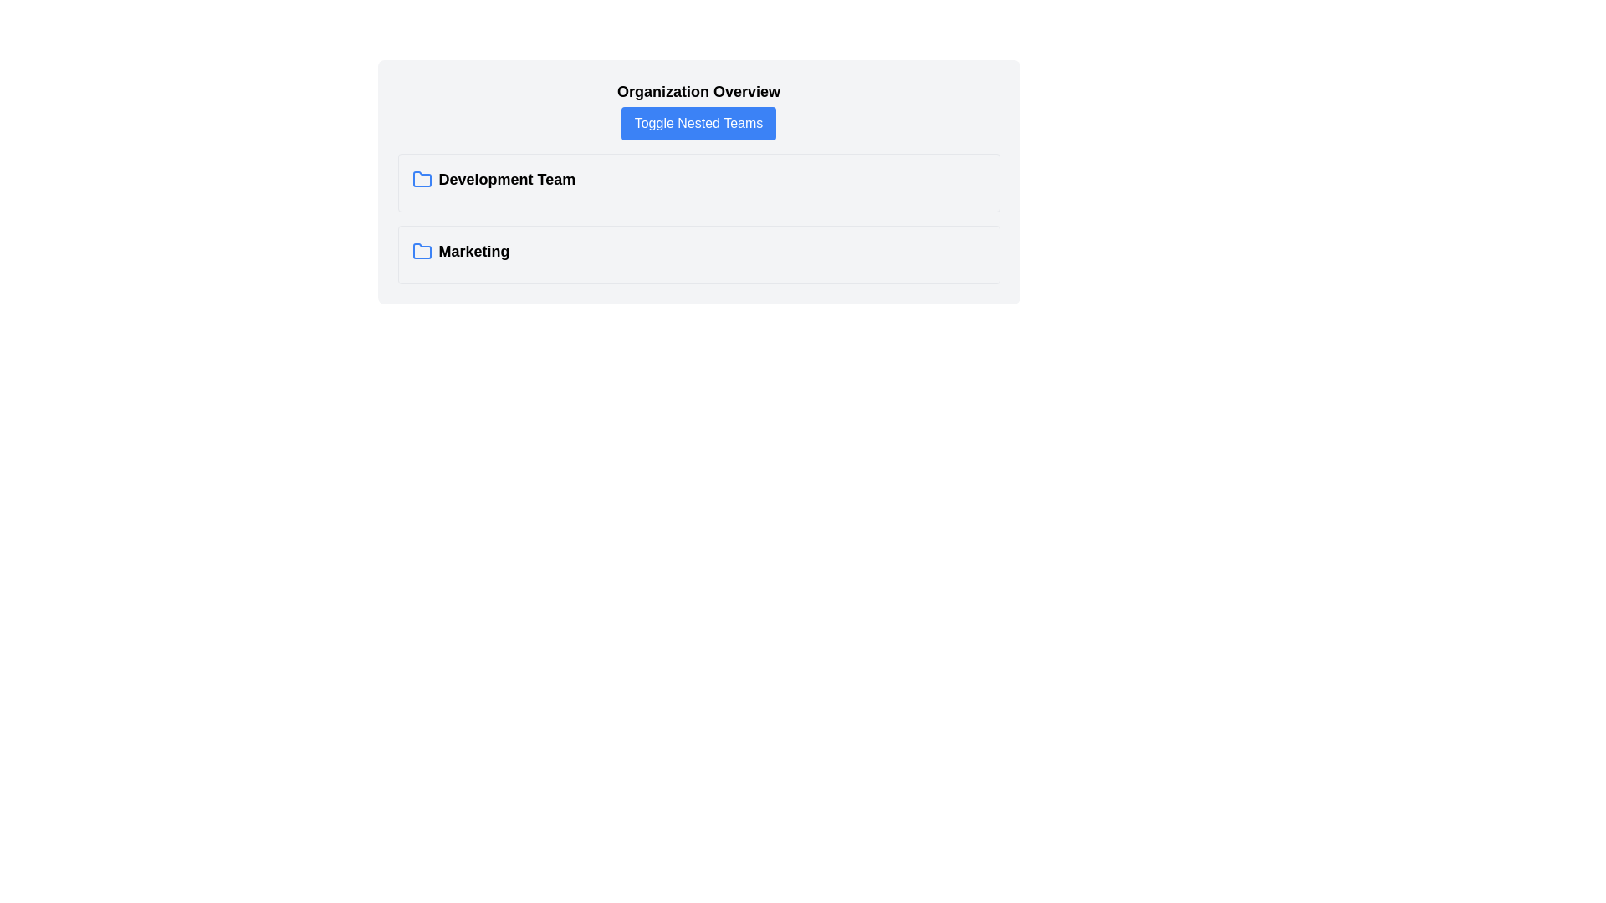  What do you see at coordinates (698, 92) in the screenshot?
I see `the text component that reads 'Organization Overview', which is bold, large, and centrally aligned above the 'Toggle Nested Teams' button` at bounding box center [698, 92].